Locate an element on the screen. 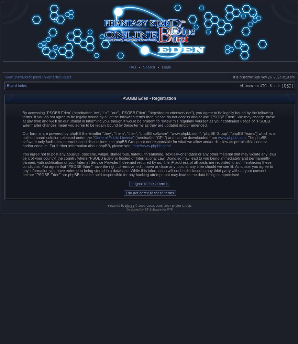 The height and width of the screenshot is (344, 298). '|' is located at coordinates (42, 77).